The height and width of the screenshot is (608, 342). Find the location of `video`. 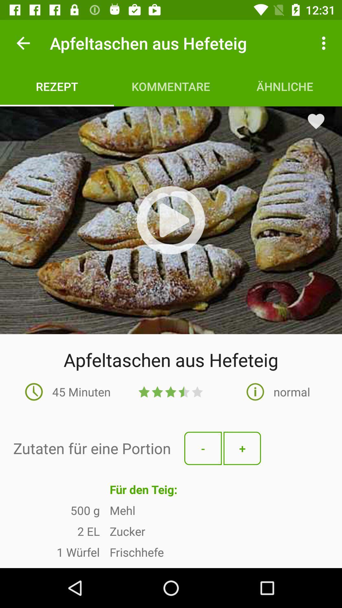

video is located at coordinates (170, 220).